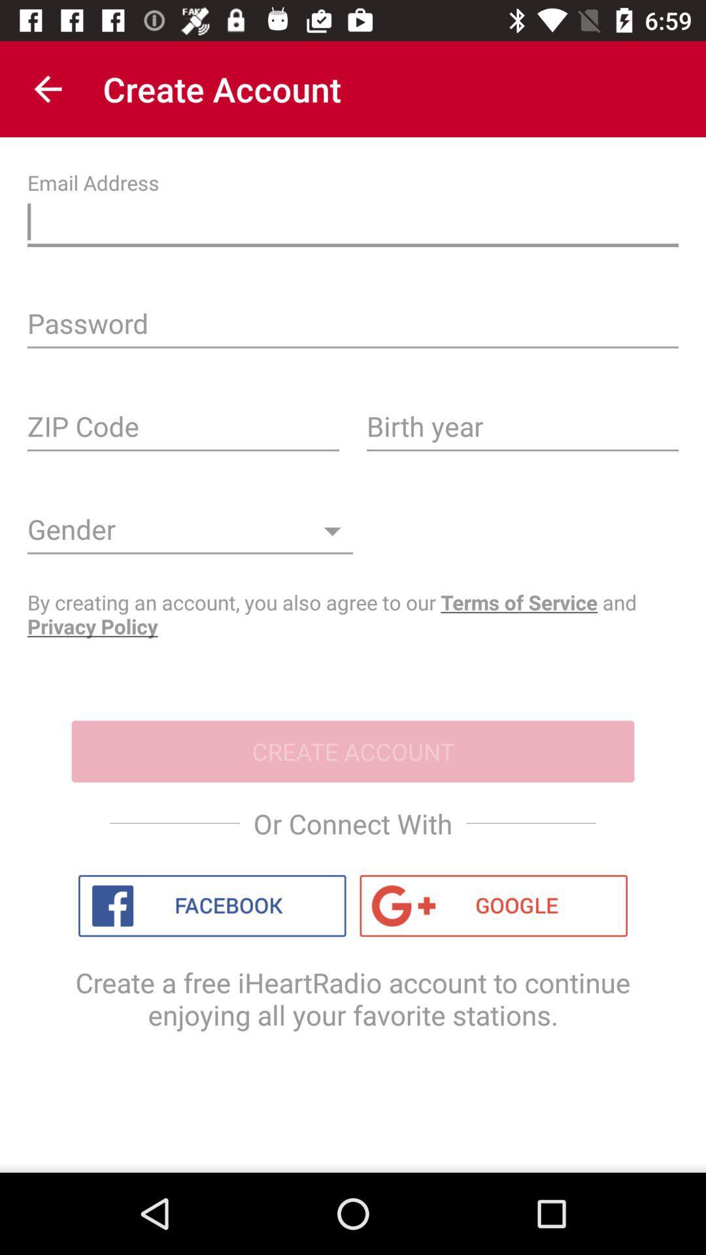 The width and height of the screenshot is (706, 1255). Describe the element at coordinates (211, 905) in the screenshot. I see `connect with facebook` at that location.